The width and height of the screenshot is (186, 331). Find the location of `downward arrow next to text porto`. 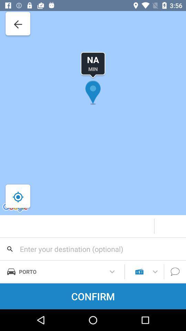

downward arrow next to text porto is located at coordinates (112, 272).